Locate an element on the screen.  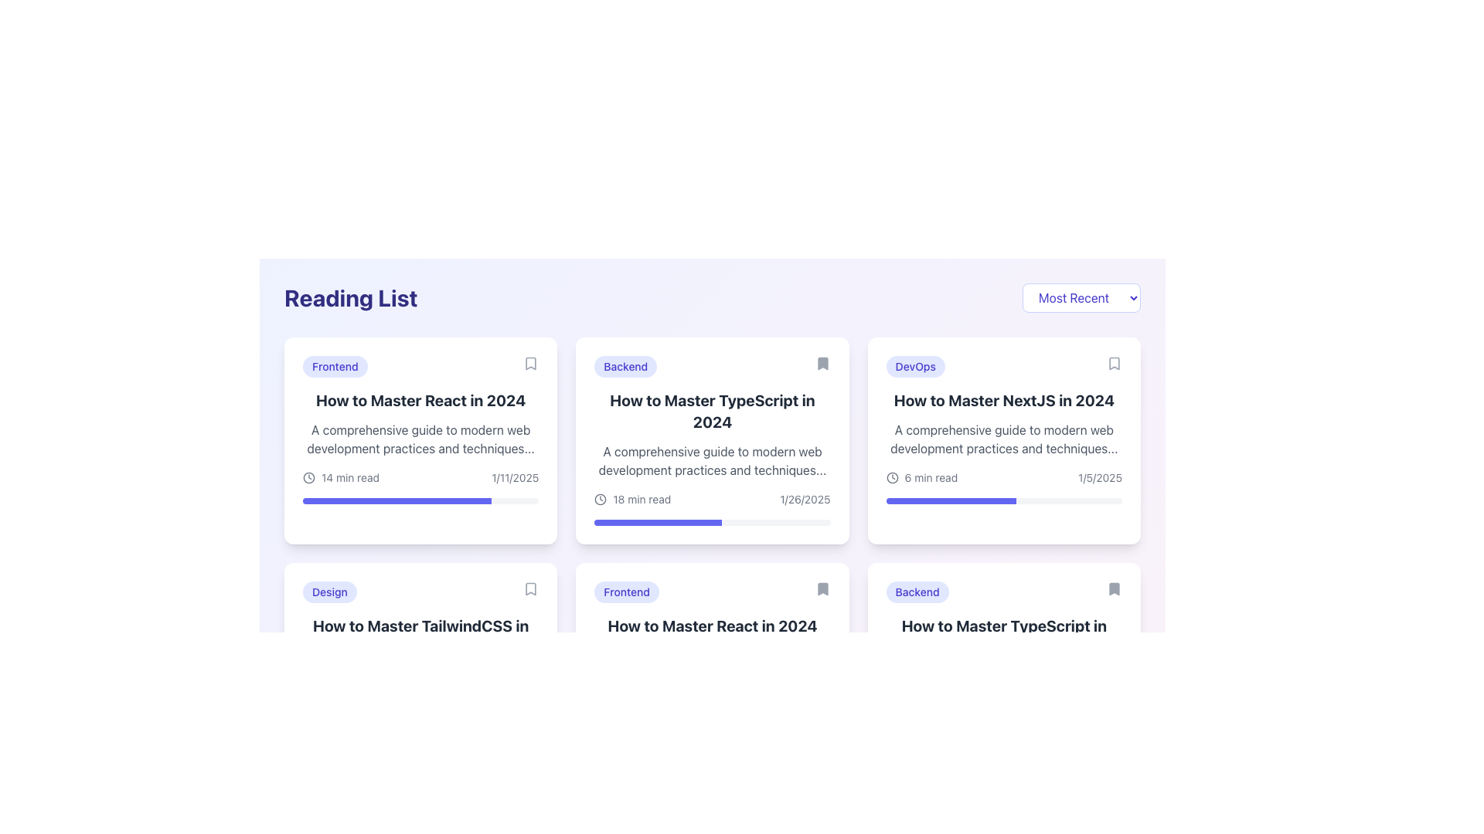
the Bookmark Button located is located at coordinates (822, 589).